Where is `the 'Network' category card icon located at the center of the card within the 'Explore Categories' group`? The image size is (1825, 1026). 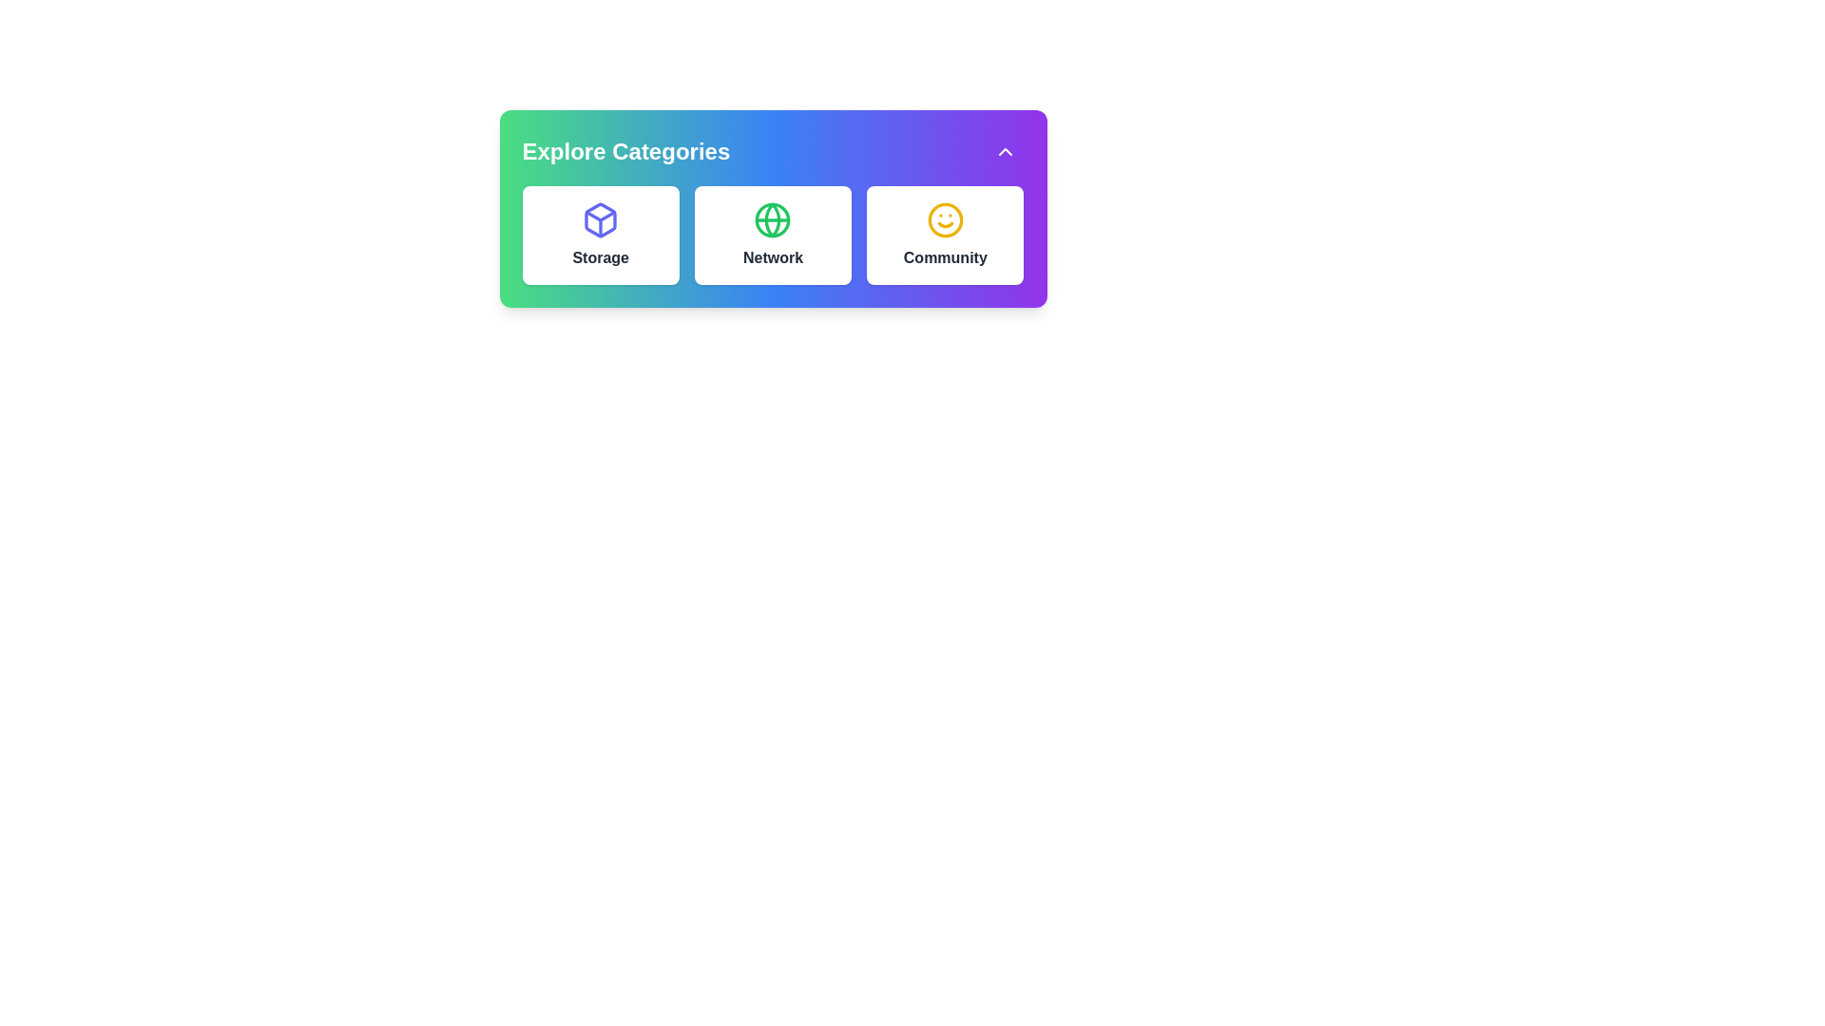 the 'Network' category card icon located at the center of the card within the 'Explore Categories' group is located at coordinates (773, 218).